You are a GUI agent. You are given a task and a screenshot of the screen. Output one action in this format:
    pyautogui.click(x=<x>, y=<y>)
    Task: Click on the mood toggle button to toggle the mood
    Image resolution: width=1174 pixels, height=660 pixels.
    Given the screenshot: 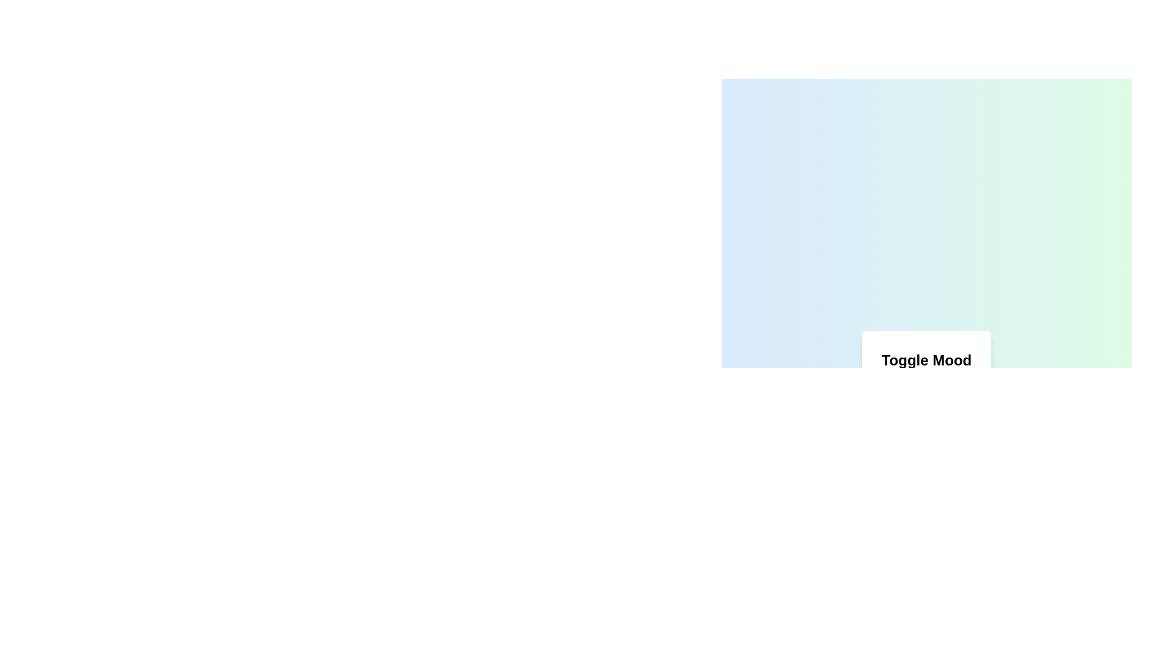 What is the action you would take?
    pyautogui.click(x=926, y=410)
    